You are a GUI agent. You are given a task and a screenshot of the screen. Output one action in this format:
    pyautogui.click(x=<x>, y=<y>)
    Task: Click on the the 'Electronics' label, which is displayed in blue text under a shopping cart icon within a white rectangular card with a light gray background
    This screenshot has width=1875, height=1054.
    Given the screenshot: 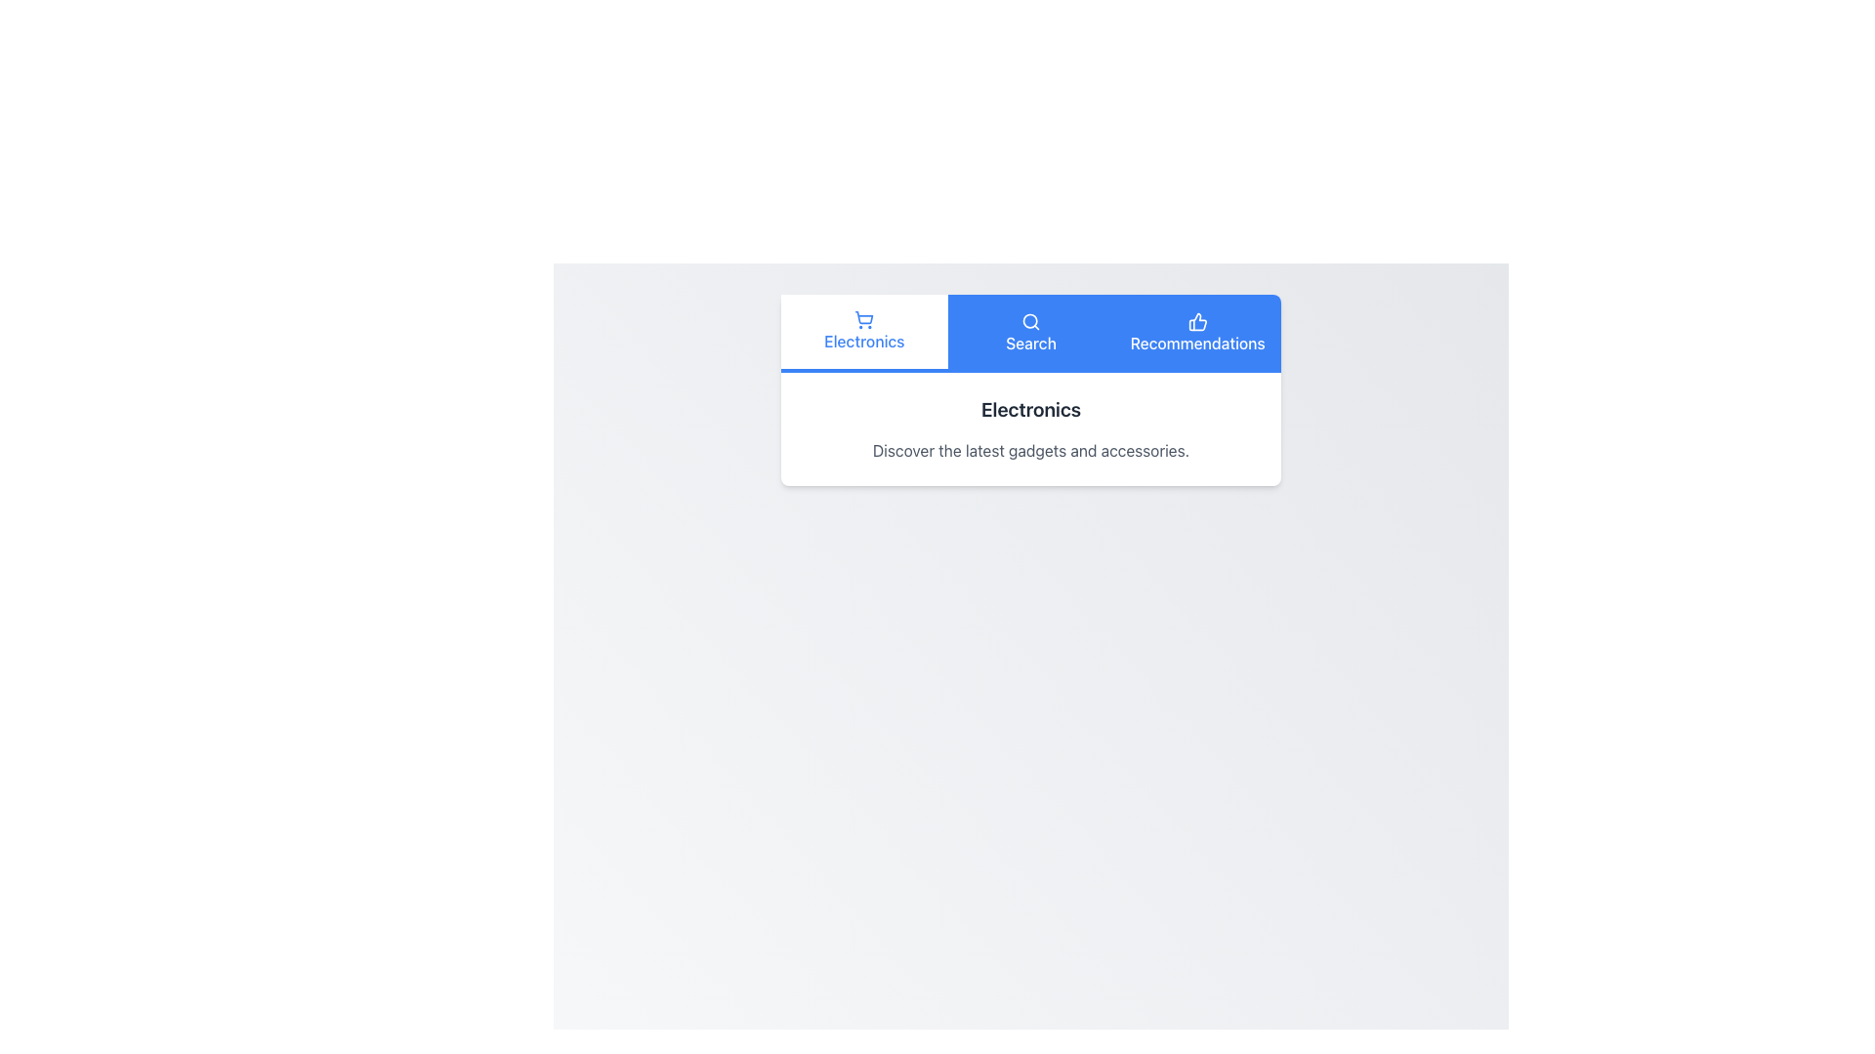 What is the action you would take?
    pyautogui.click(x=863, y=341)
    